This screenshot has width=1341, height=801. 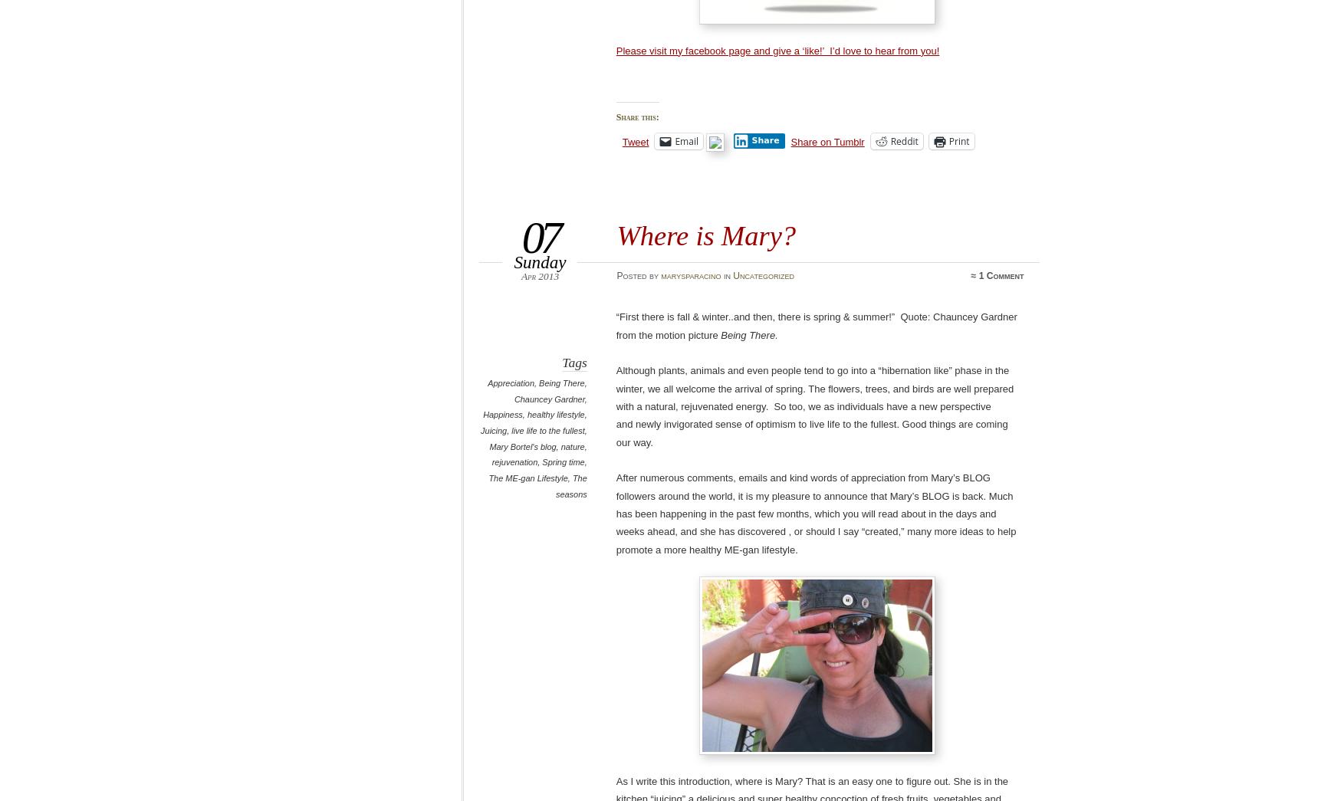 What do you see at coordinates (632, 275) in the screenshot?
I see `'Posted'` at bounding box center [632, 275].